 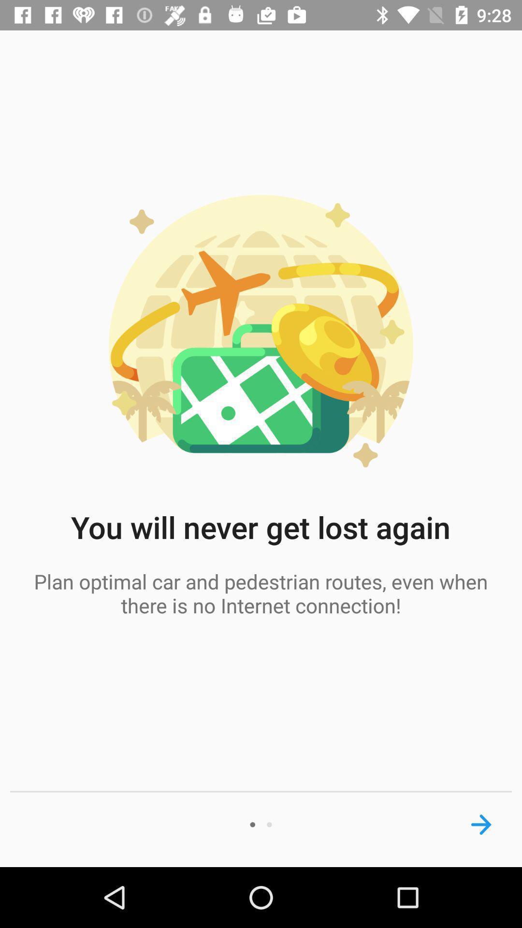 What do you see at coordinates (481, 824) in the screenshot?
I see `next page` at bounding box center [481, 824].